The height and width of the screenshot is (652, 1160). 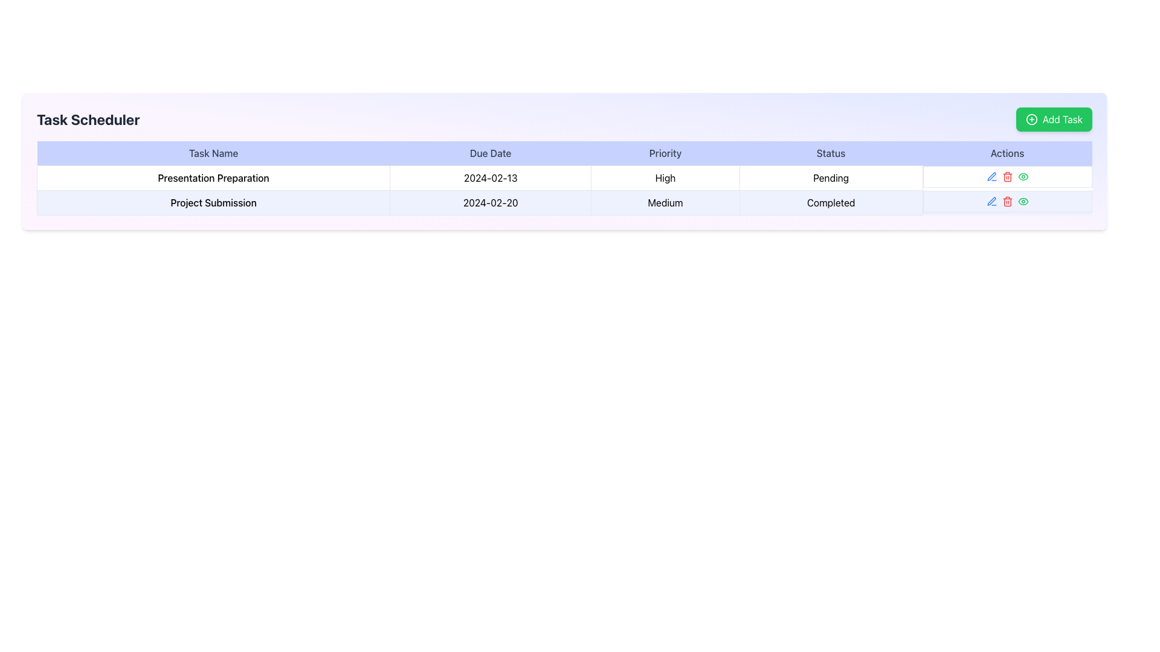 I want to click on the 'Add Task' button located in the top-right corner of the 'Task Scheduler' header, so click(x=1053, y=119).